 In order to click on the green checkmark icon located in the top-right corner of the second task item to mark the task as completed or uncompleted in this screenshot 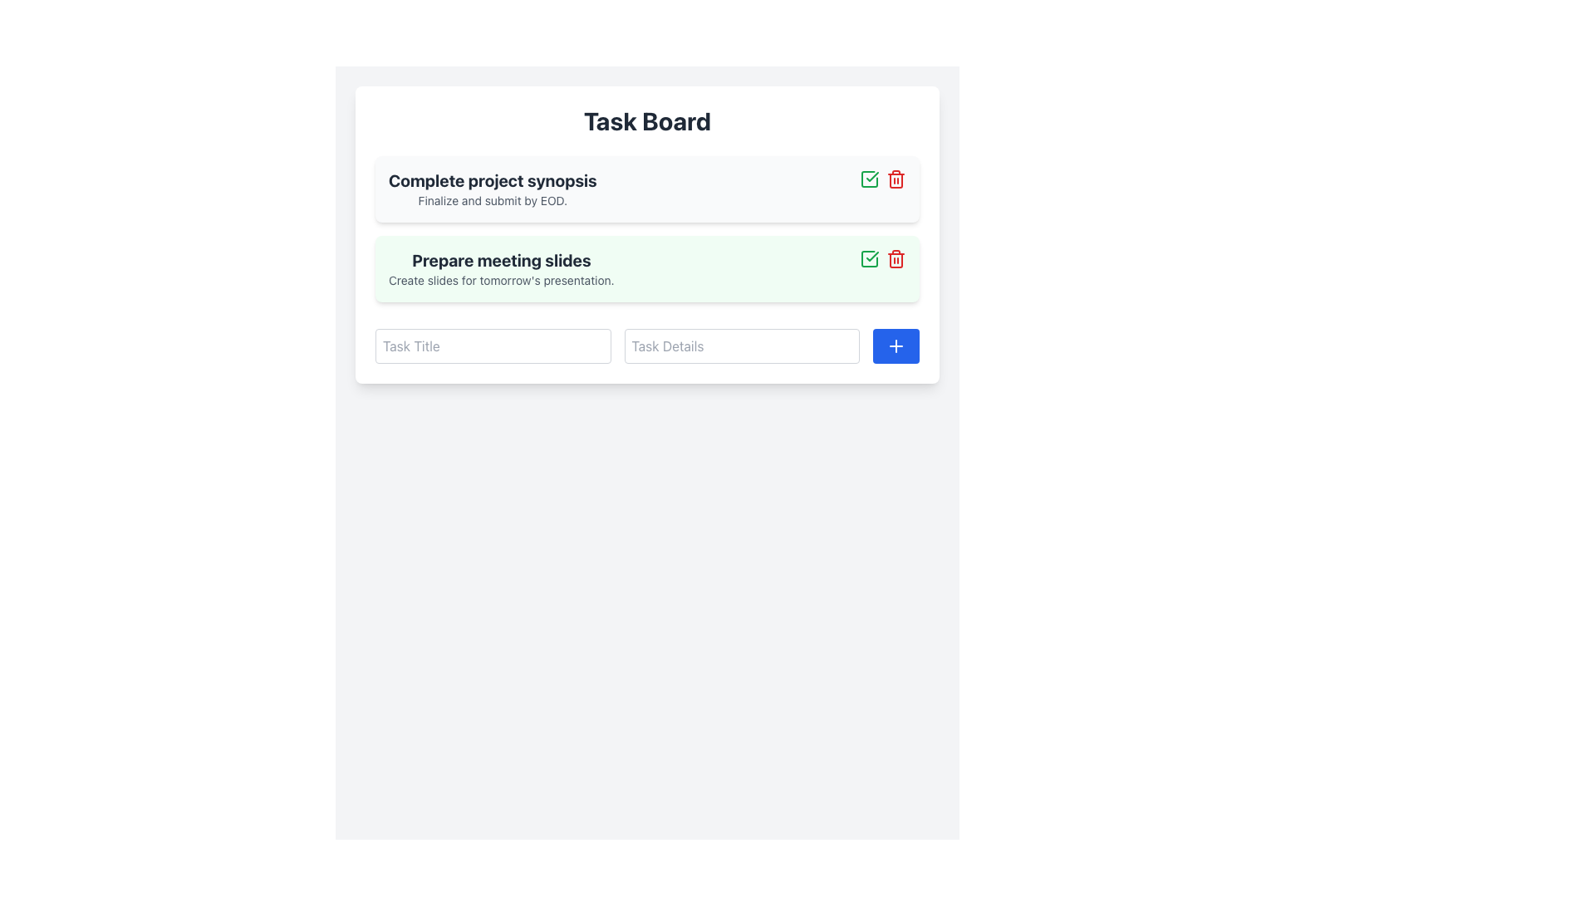, I will do `click(868, 179)`.